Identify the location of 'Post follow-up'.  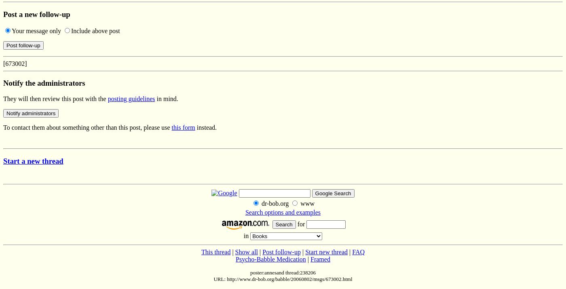
(262, 251).